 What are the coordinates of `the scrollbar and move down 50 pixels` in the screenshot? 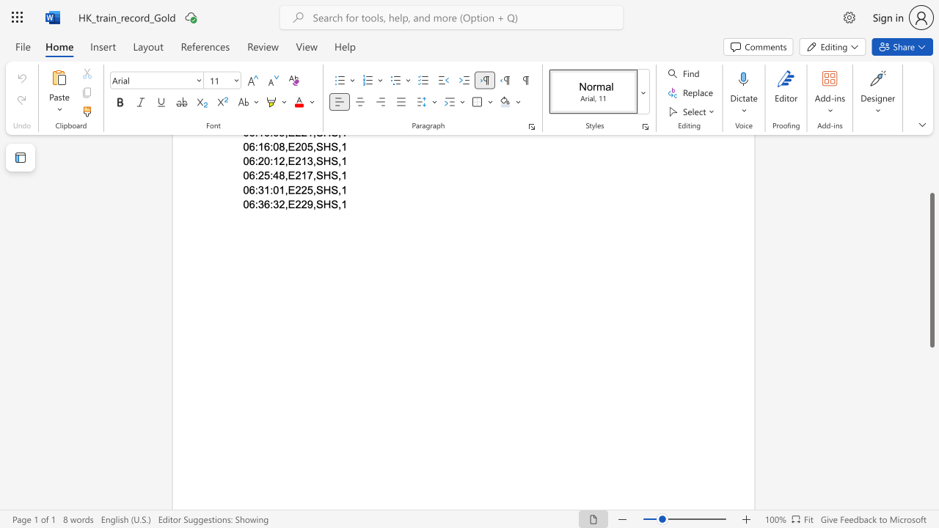 It's located at (931, 270).